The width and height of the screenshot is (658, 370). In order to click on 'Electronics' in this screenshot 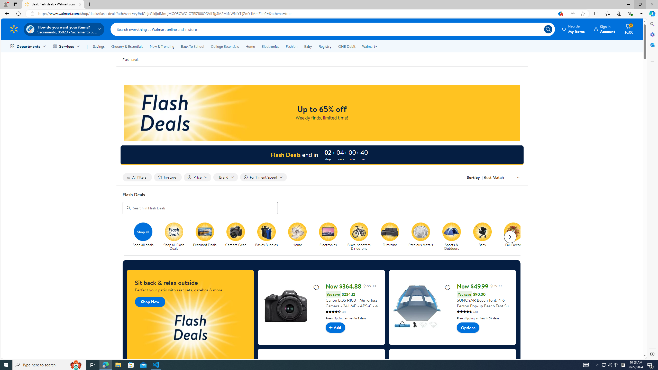, I will do `click(330, 236)`.